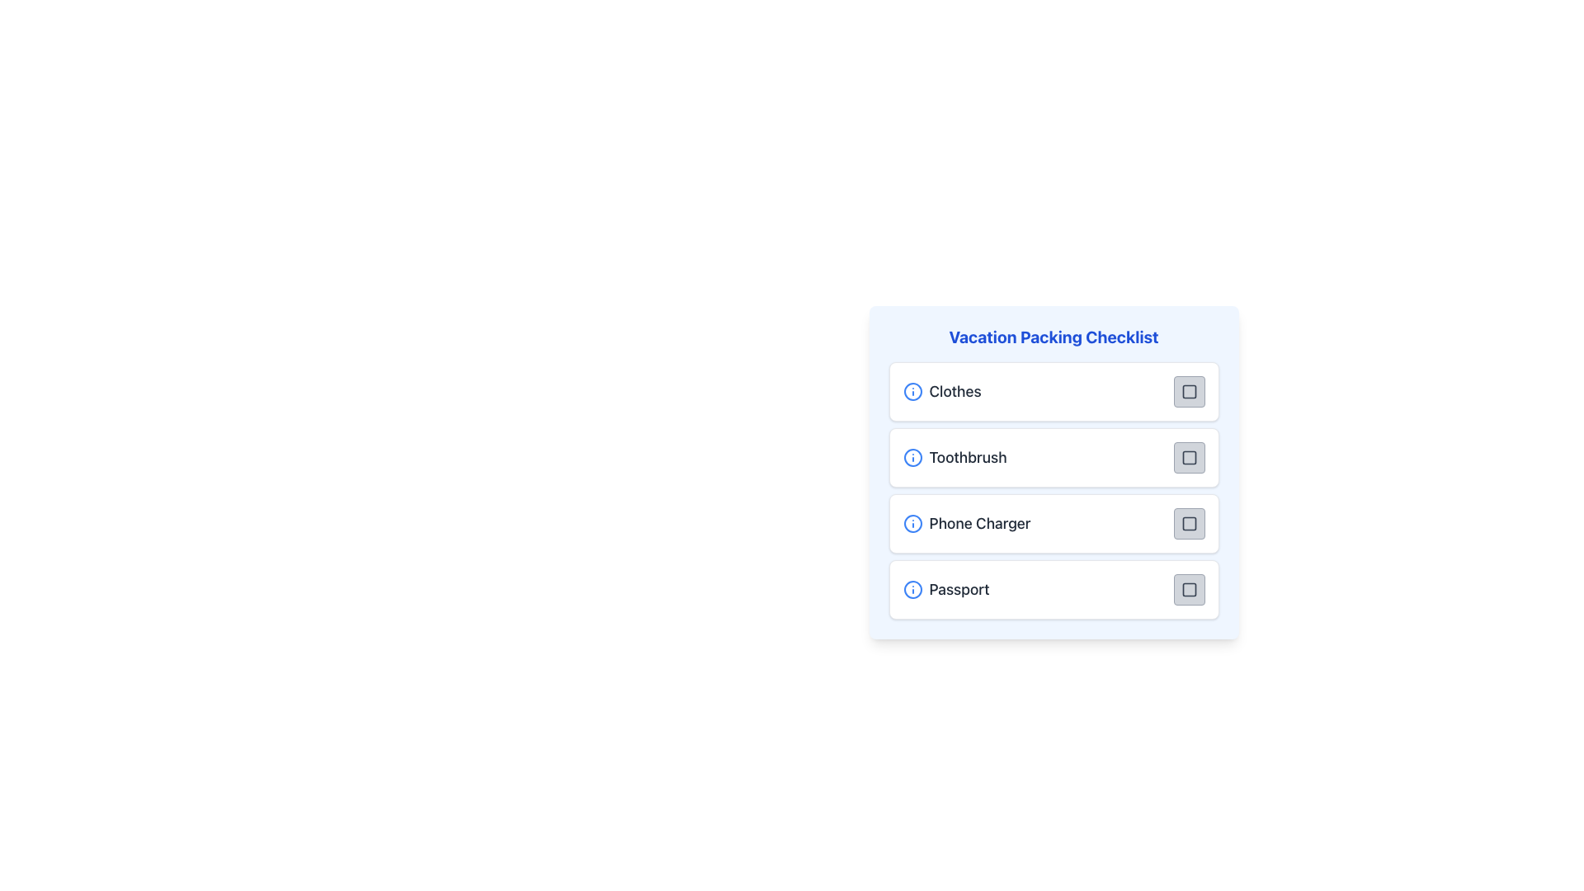  What do you see at coordinates (1189, 524) in the screenshot?
I see `the square icon in the third row of the 'Vacation Packing Checklist' associated with the 'Phone Charger' entry` at bounding box center [1189, 524].